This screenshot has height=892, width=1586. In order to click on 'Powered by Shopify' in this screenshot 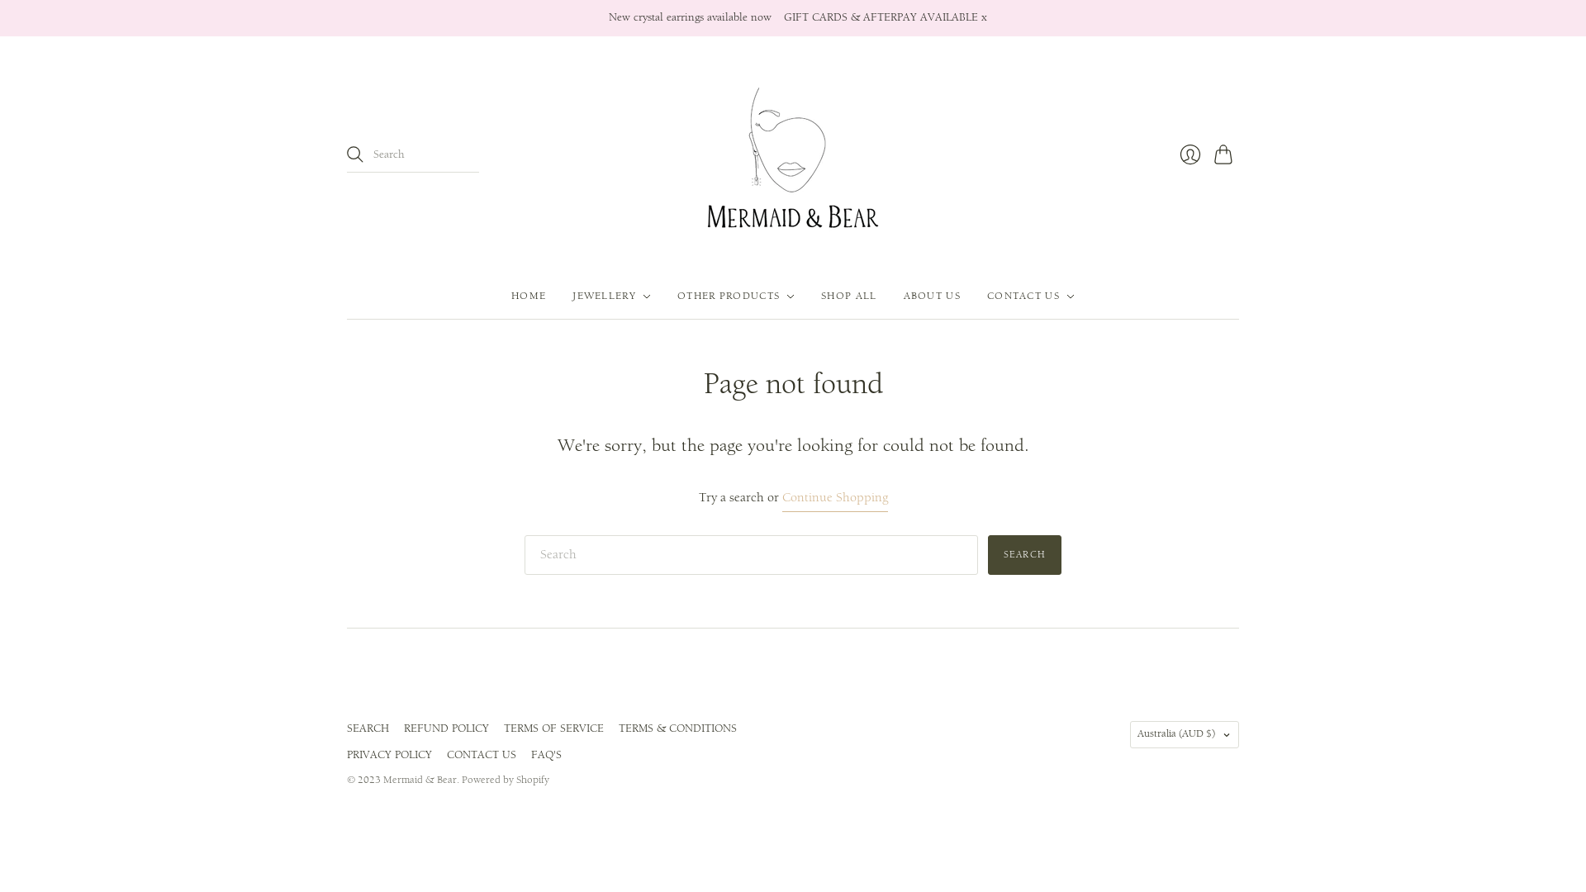, I will do `click(504, 780)`.